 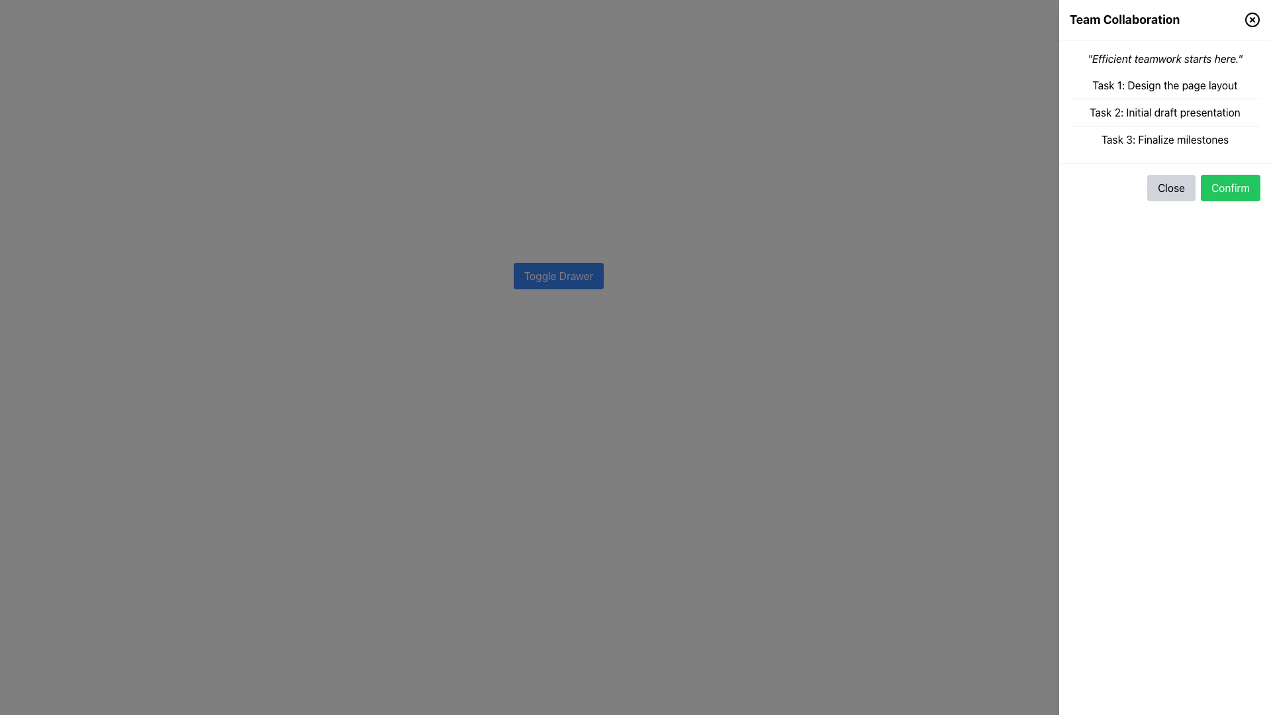 What do you see at coordinates (1165, 85) in the screenshot?
I see `text entry stating 'Task 1: Design the page layout', which is the first task in the task list on the right side of the interface` at bounding box center [1165, 85].